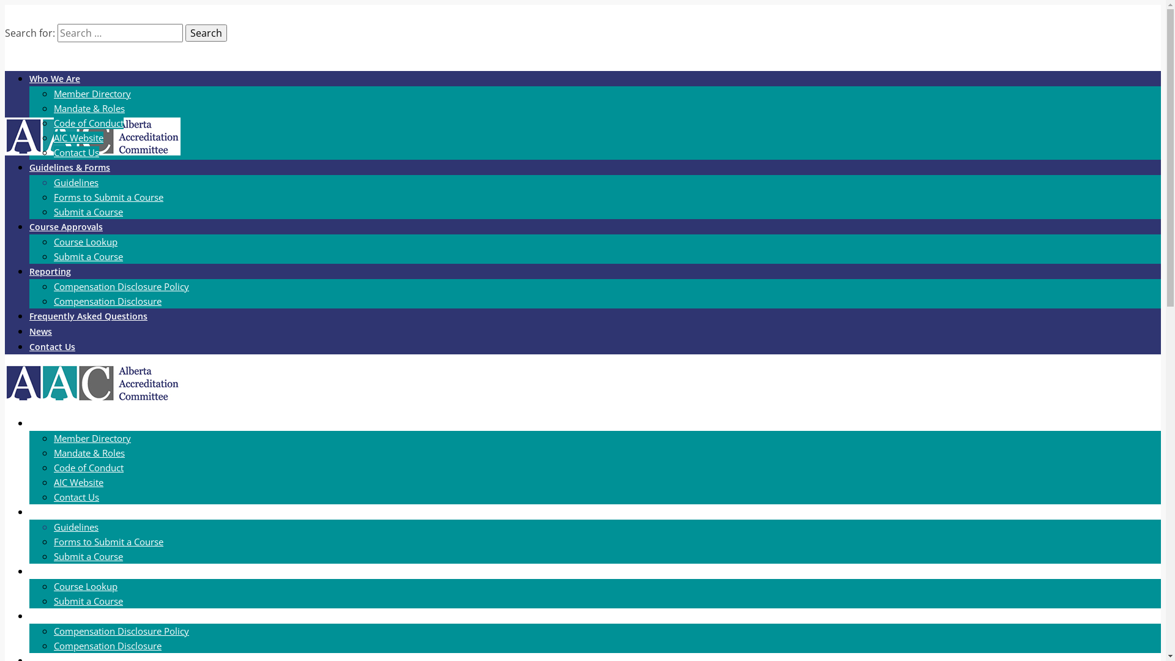 Image resolution: width=1175 pixels, height=661 pixels. What do you see at coordinates (88, 467) in the screenshot?
I see `'Code of Conduct'` at bounding box center [88, 467].